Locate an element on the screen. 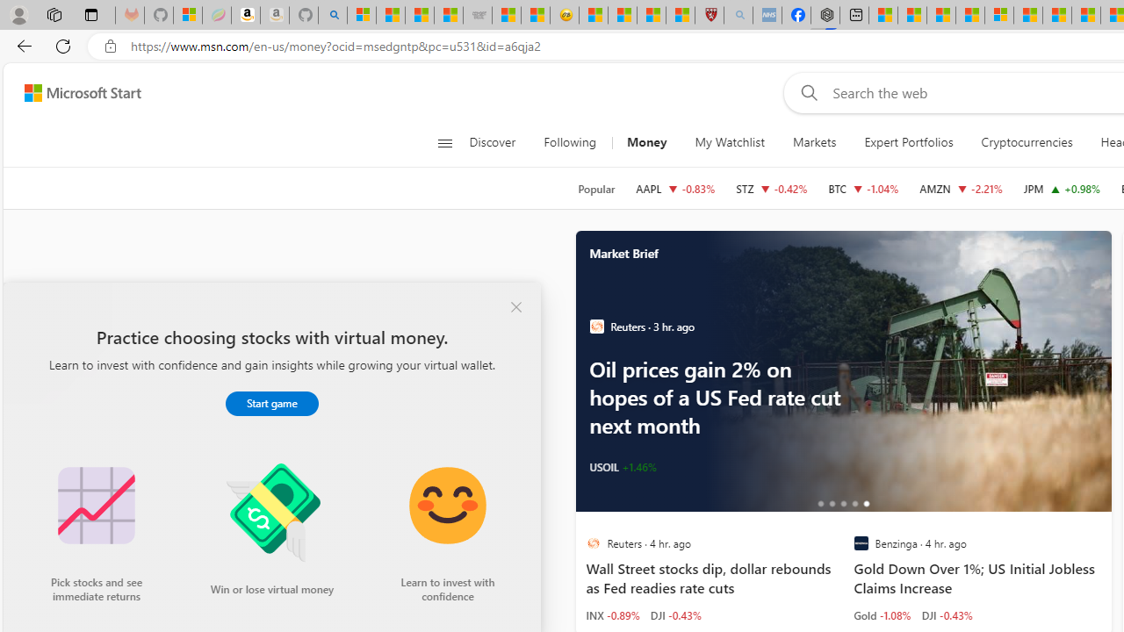 Image resolution: width=1124 pixels, height=632 pixels. 'Money' is located at coordinates (645, 142).